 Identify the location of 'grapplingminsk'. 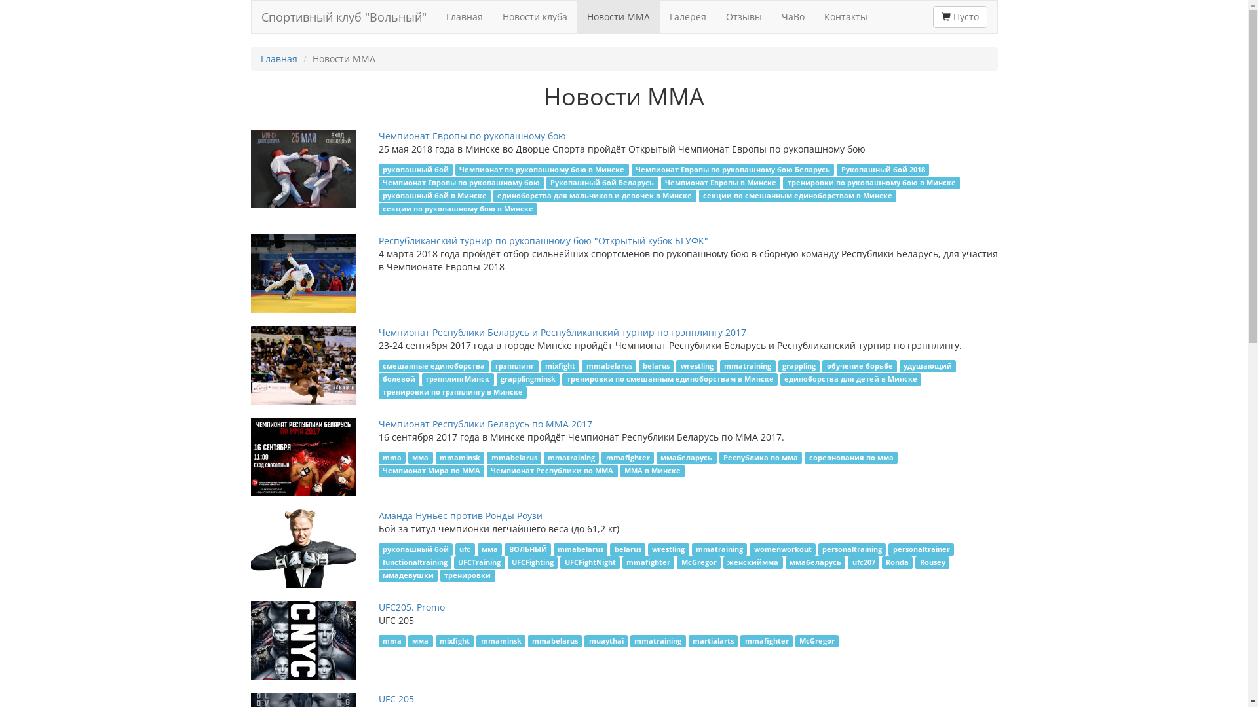
(528, 379).